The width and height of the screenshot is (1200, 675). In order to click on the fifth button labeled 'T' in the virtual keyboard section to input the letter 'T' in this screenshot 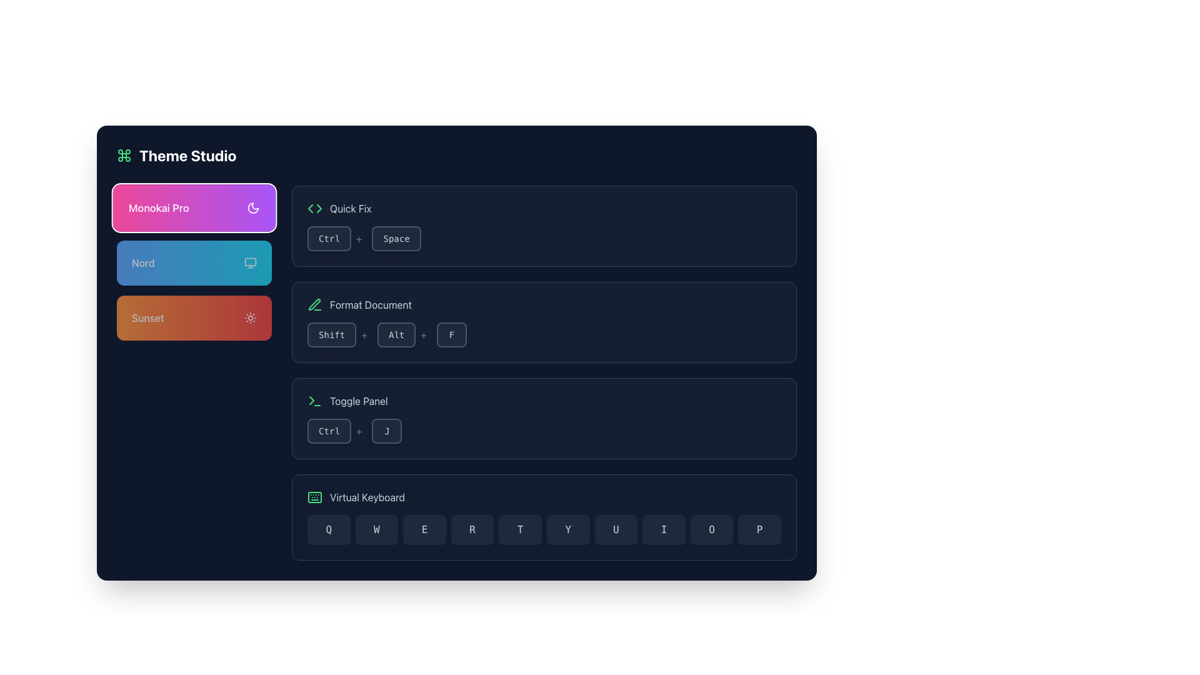, I will do `click(520, 530)`.